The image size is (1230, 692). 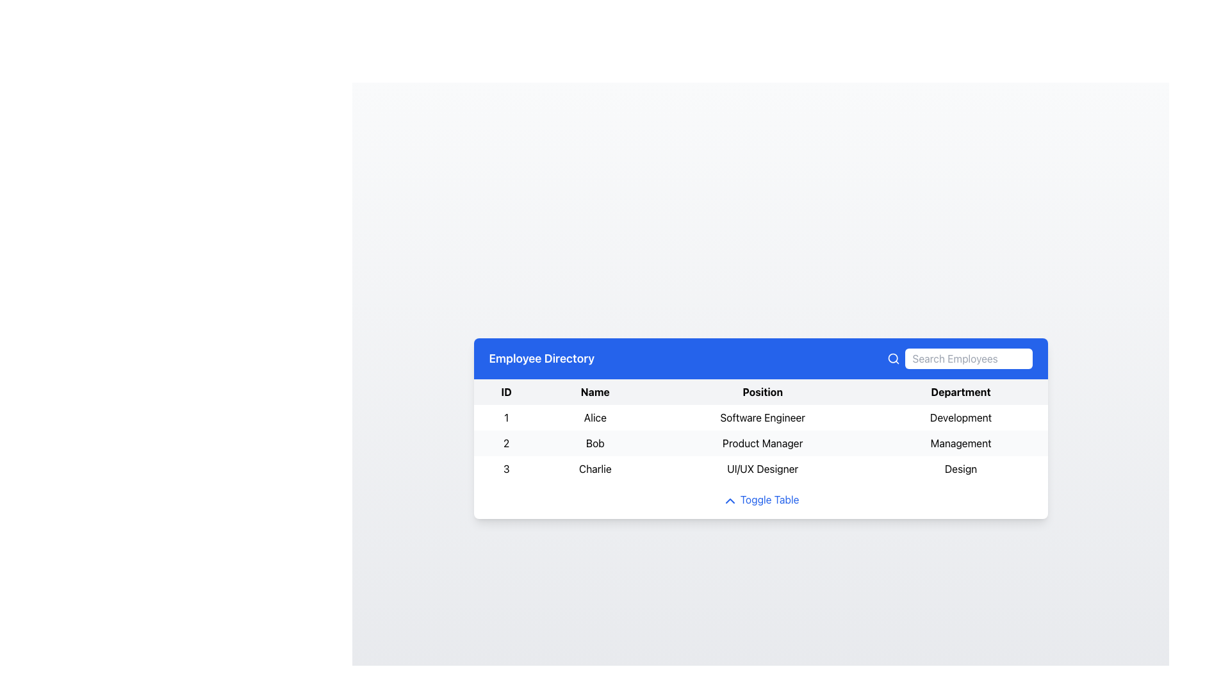 What do you see at coordinates (892, 359) in the screenshot?
I see `the search icon located on the rightmost side of the blue header bar` at bounding box center [892, 359].